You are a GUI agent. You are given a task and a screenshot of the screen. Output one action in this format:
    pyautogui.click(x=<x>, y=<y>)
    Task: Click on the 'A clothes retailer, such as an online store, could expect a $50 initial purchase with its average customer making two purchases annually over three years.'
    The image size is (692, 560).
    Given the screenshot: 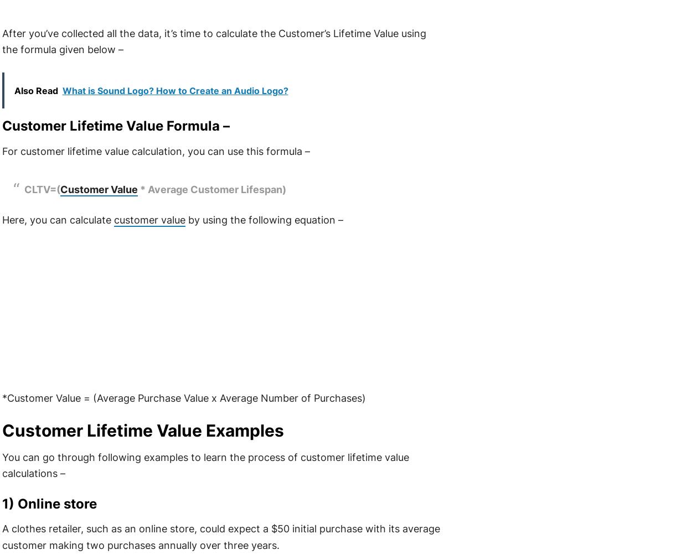 What is the action you would take?
    pyautogui.click(x=220, y=537)
    